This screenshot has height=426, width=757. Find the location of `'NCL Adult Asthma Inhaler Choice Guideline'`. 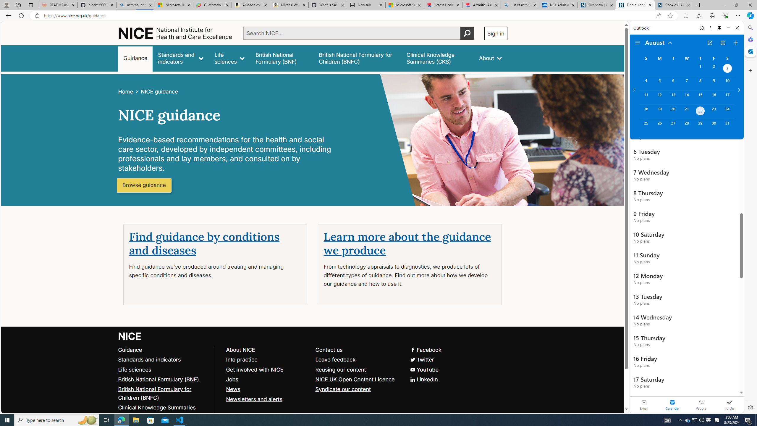

'NCL Adult Asthma Inhaler Choice Guideline' is located at coordinates (558, 5).